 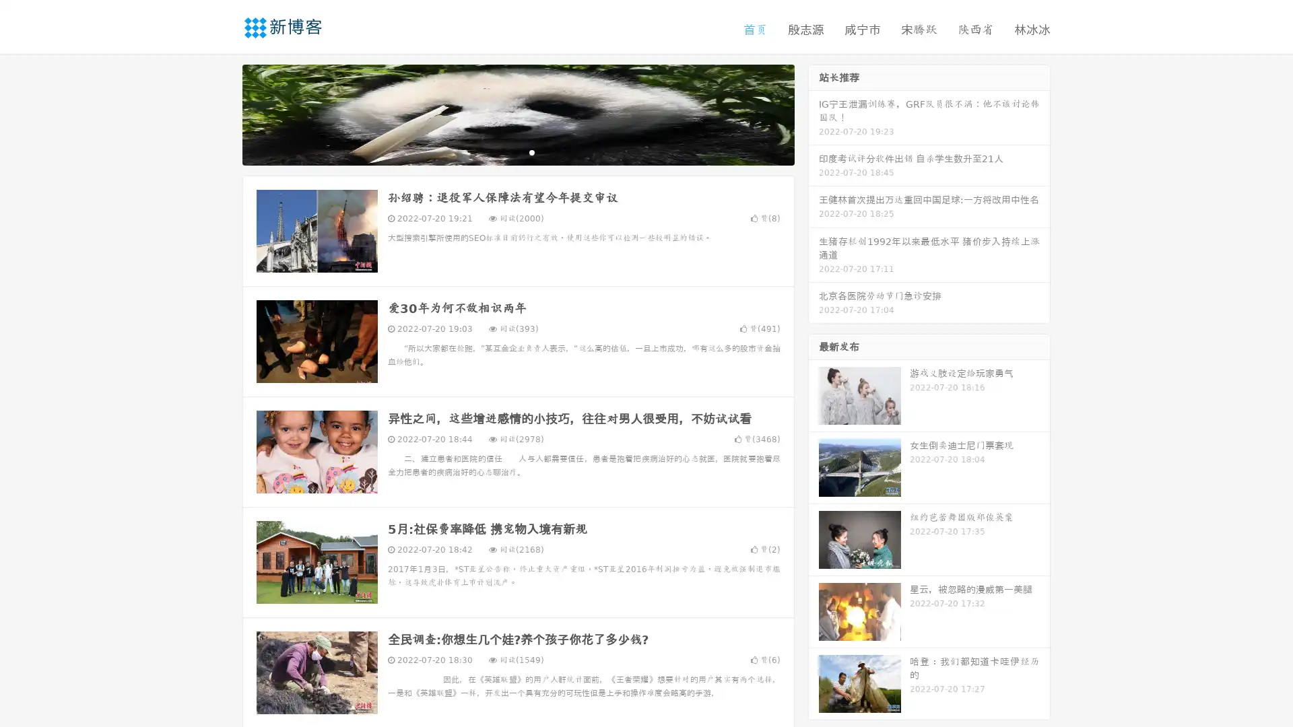 I want to click on Previous slide, so click(x=222, y=113).